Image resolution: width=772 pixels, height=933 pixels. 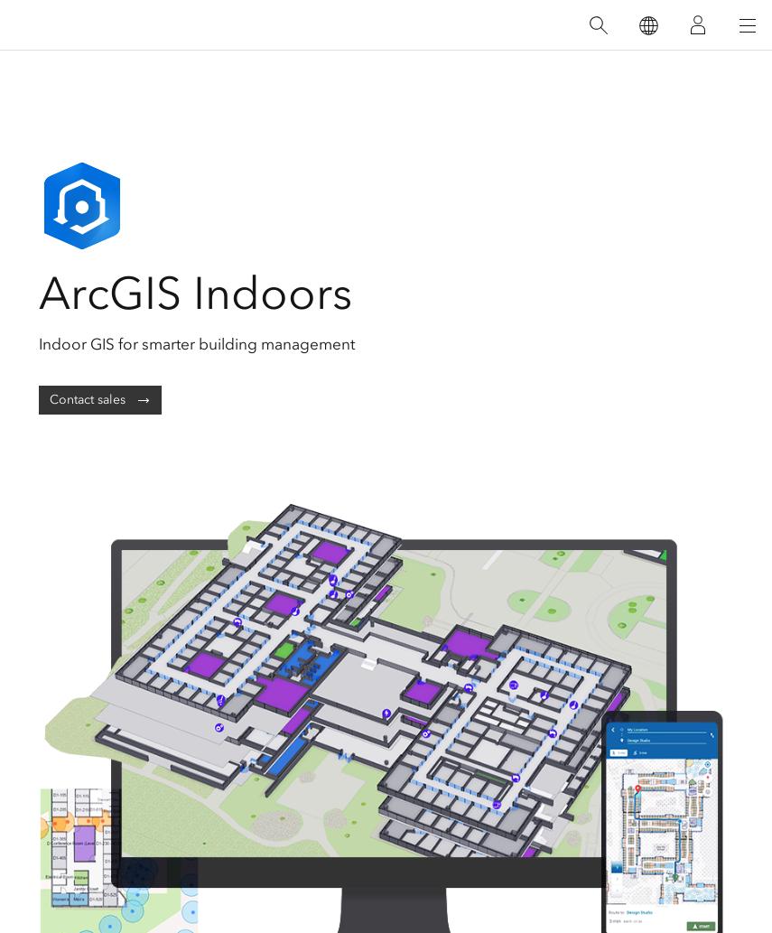 What do you see at coordinates (385, 469) in the screenshot?
I see `'Support'` at bounding box center [385, 469].